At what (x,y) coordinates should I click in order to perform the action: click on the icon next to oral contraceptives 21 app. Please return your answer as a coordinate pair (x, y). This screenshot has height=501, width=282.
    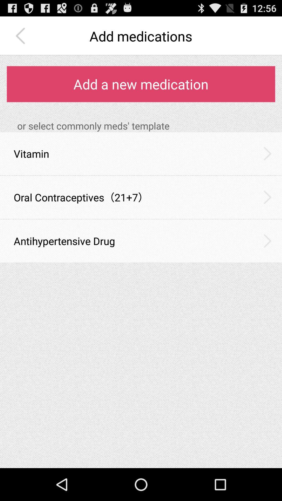
    Looking at the image, I should click on (267, 197).